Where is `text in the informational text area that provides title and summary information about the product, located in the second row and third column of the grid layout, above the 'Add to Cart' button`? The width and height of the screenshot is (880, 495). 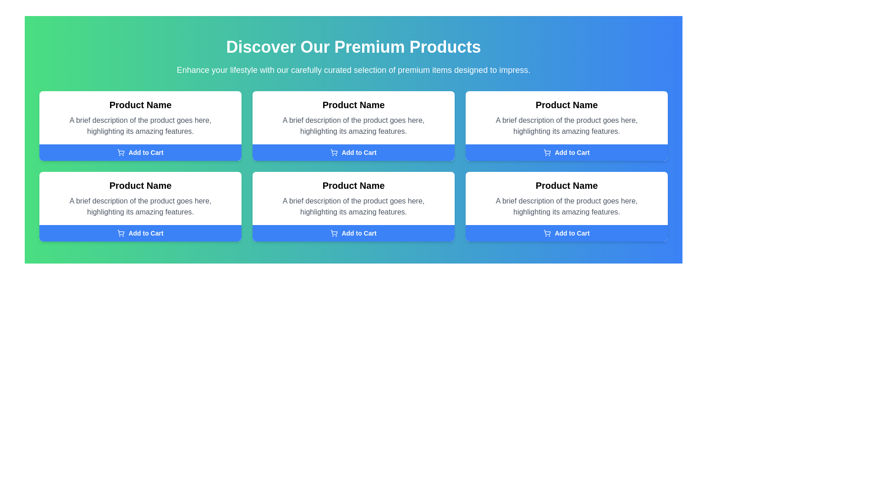
text in the informational text area that provides title and summary information about the product, located in the second row and third column of the grid layout, above the 'Add to Cart' button is located at coordinates (566, 198).